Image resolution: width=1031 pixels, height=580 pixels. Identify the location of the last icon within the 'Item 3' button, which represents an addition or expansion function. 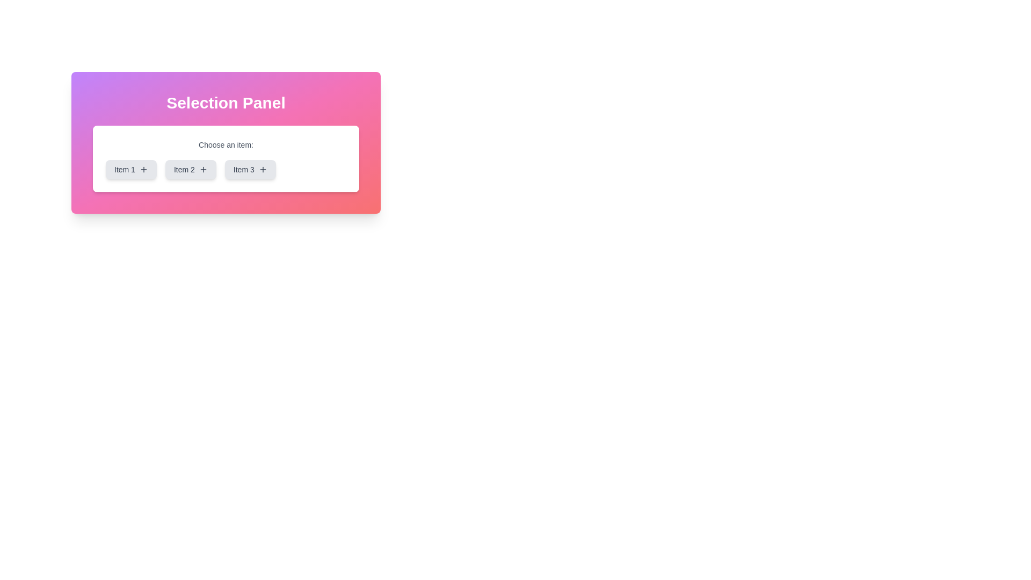
(263, 169).